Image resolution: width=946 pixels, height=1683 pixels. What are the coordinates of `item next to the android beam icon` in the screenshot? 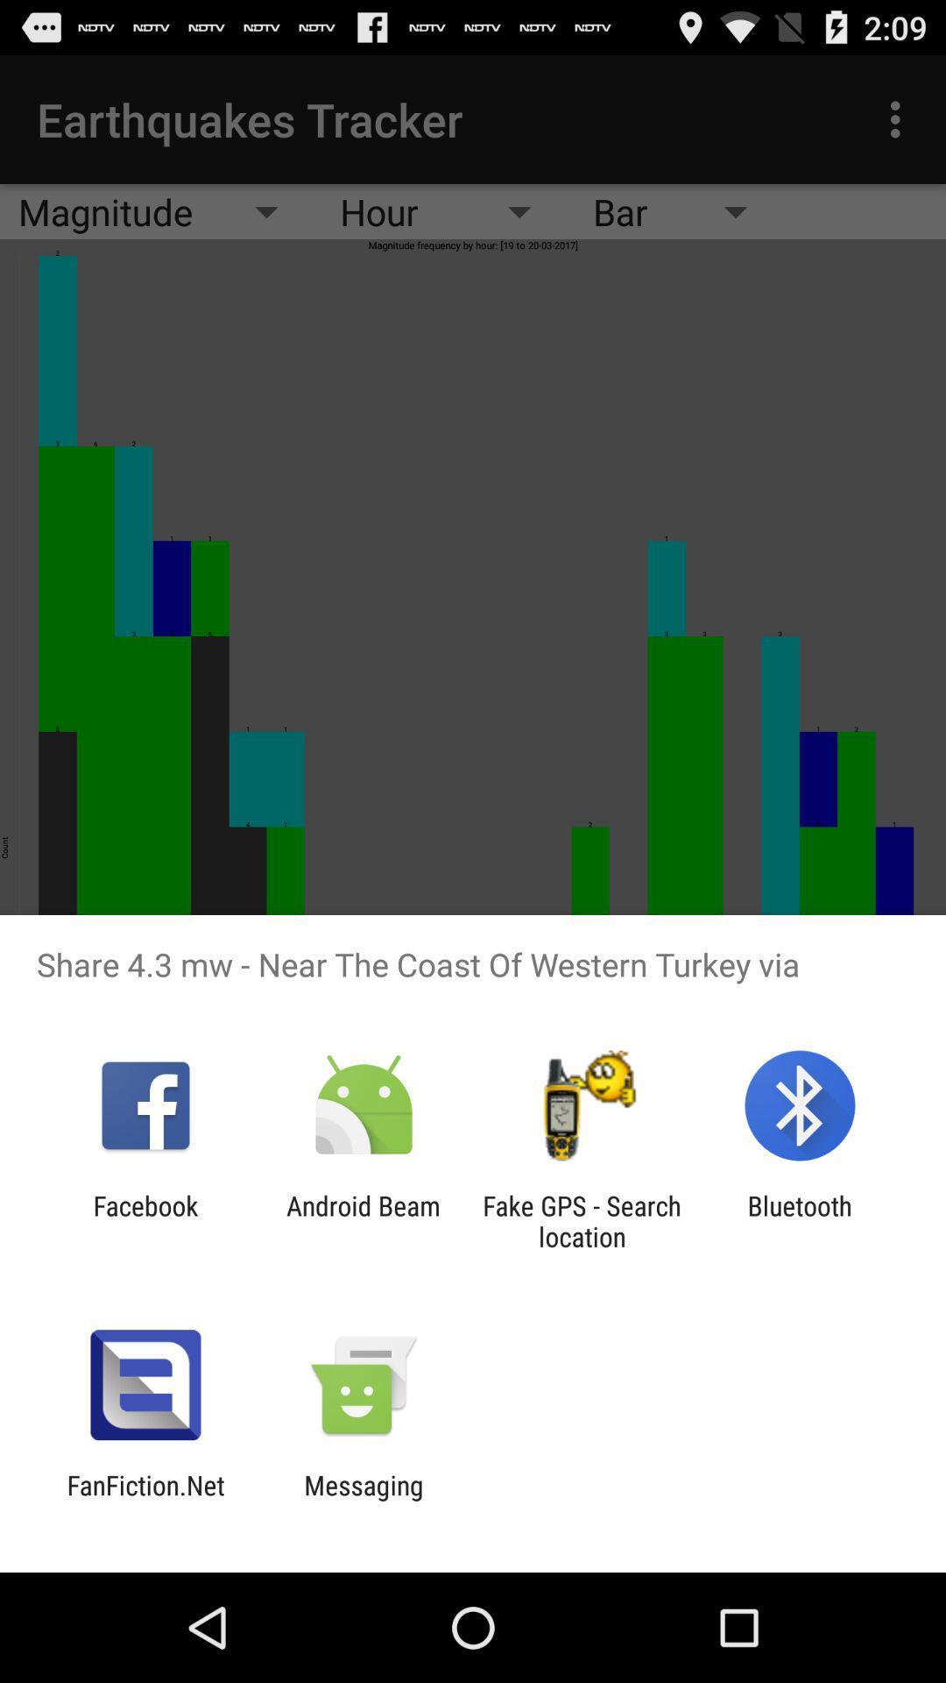 It's located at (582, 1220).